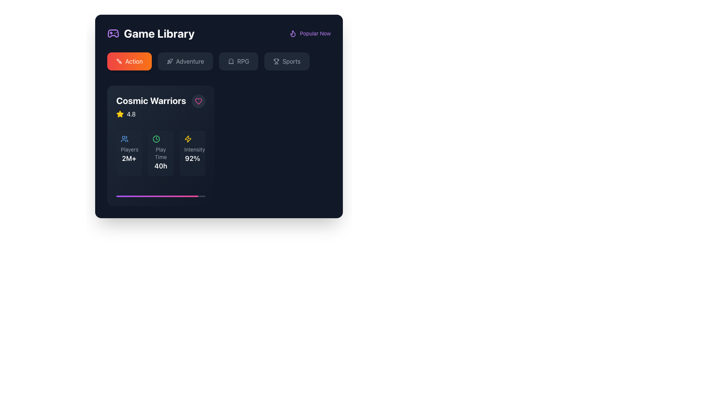 Image resolution: width=725 pixels, height=407 pixels. I want to click on the decorative icon associated with the 'Game Library' section, so click(113, 33).